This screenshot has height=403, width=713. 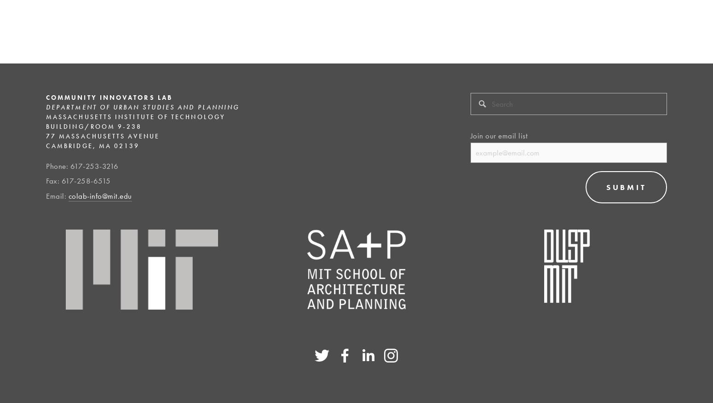 I want to click on 'Massachusetts Institute of Technology', so click(x=135, y=115).